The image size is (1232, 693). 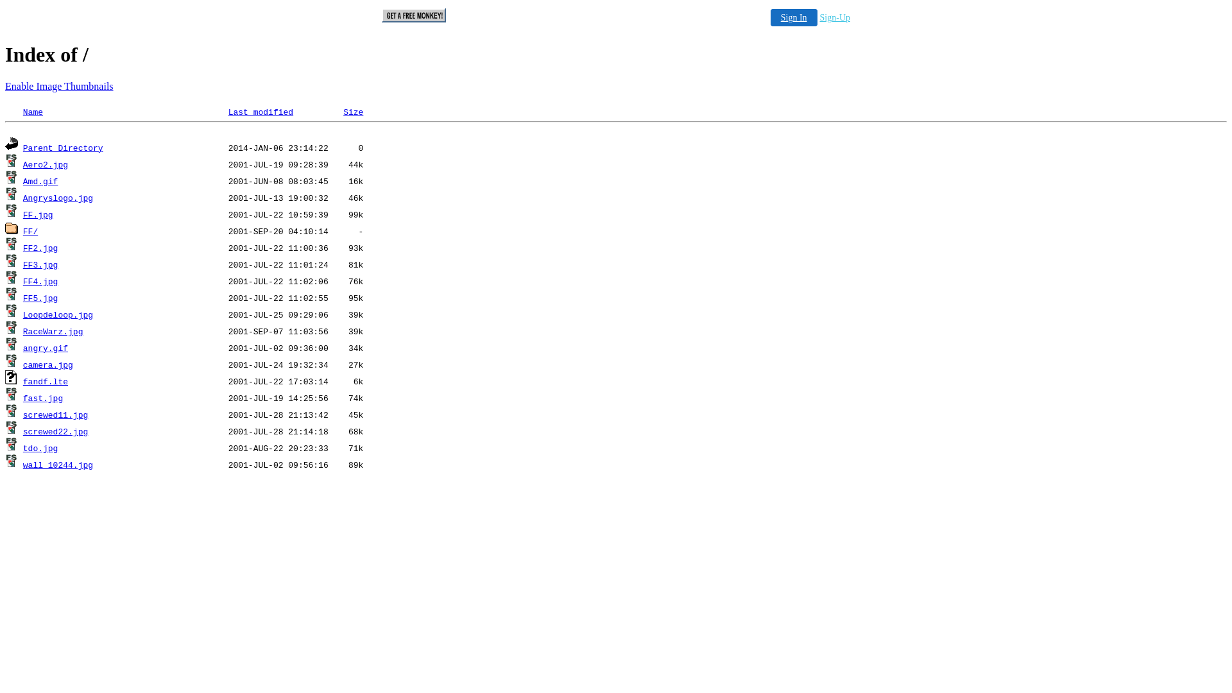 What do you see at coordinates (62, 148) in the screenshot?
I see `'Parent Directory'` at bounding box center [62, 148].